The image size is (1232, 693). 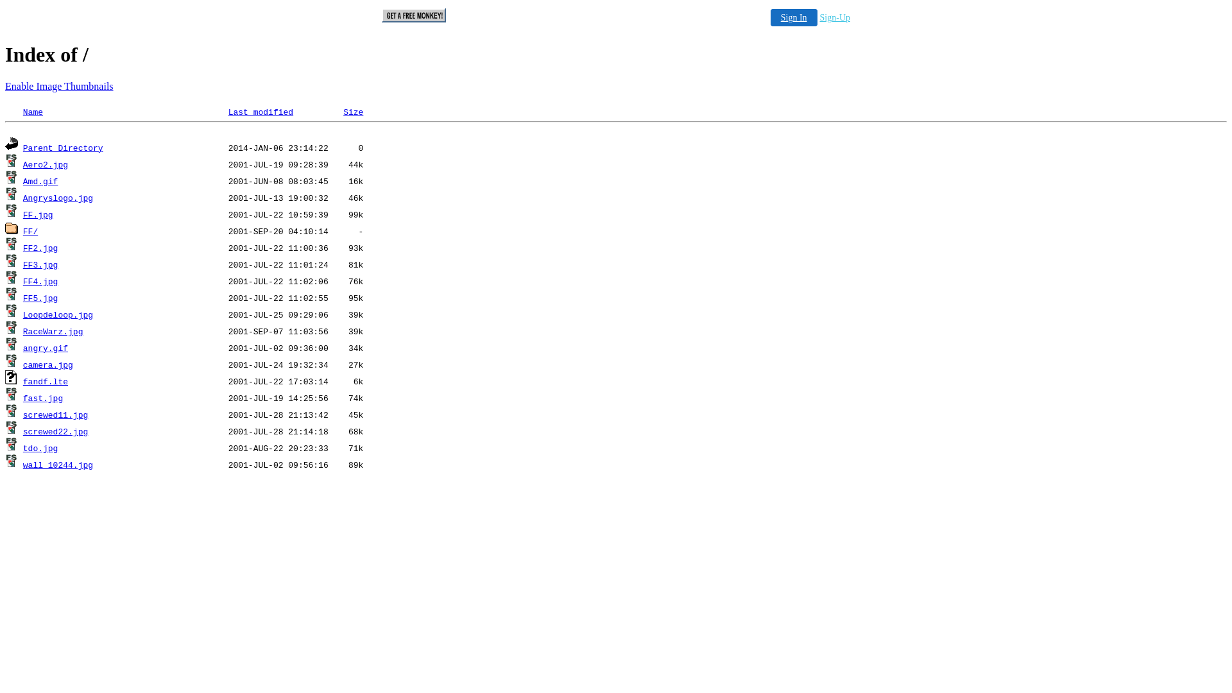 What do you see at coordinates (62, 148) in the screenshot?
I see `'Parent Directory'` at bounding box center [62, 148].